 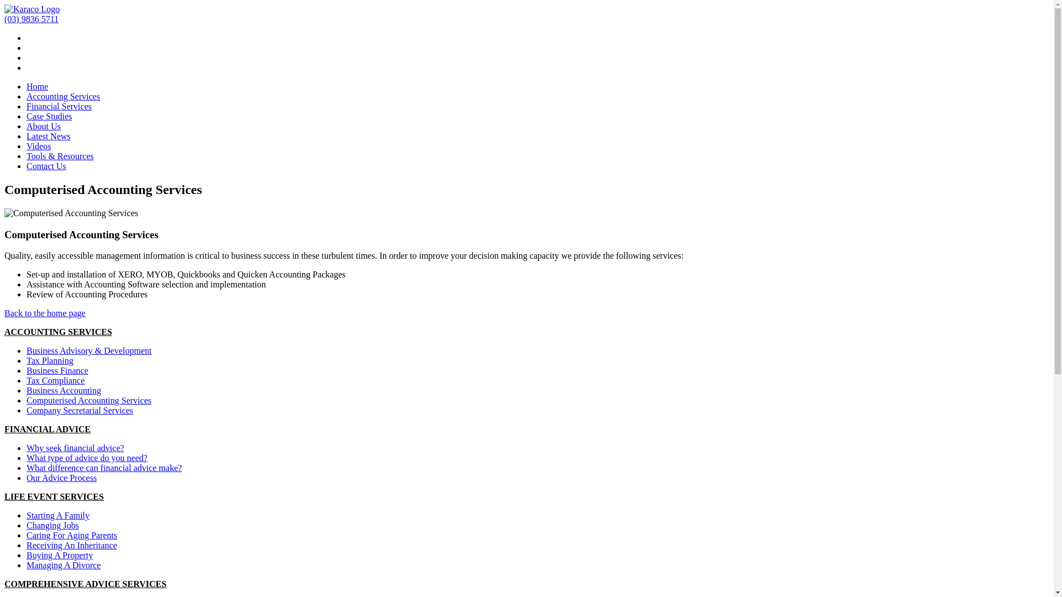 What do you see at coordinates (55, 380) in the screenshot?
I see `'Tax Compliance'` at bounding box center [55, 380].